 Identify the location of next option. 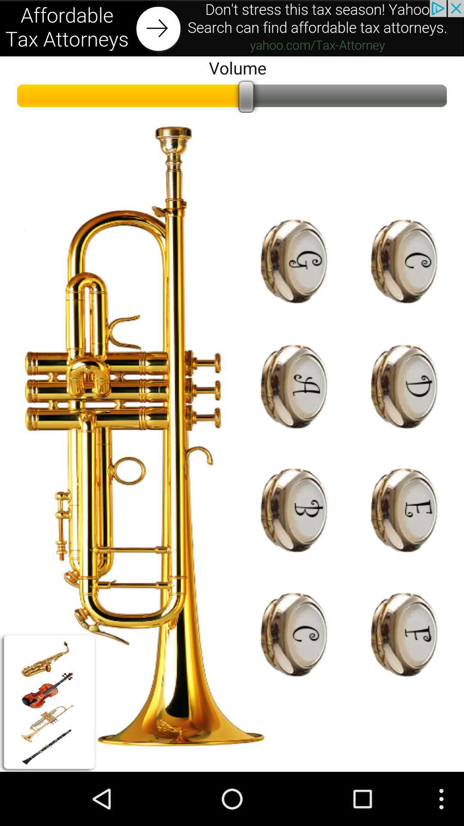
(232, 28).